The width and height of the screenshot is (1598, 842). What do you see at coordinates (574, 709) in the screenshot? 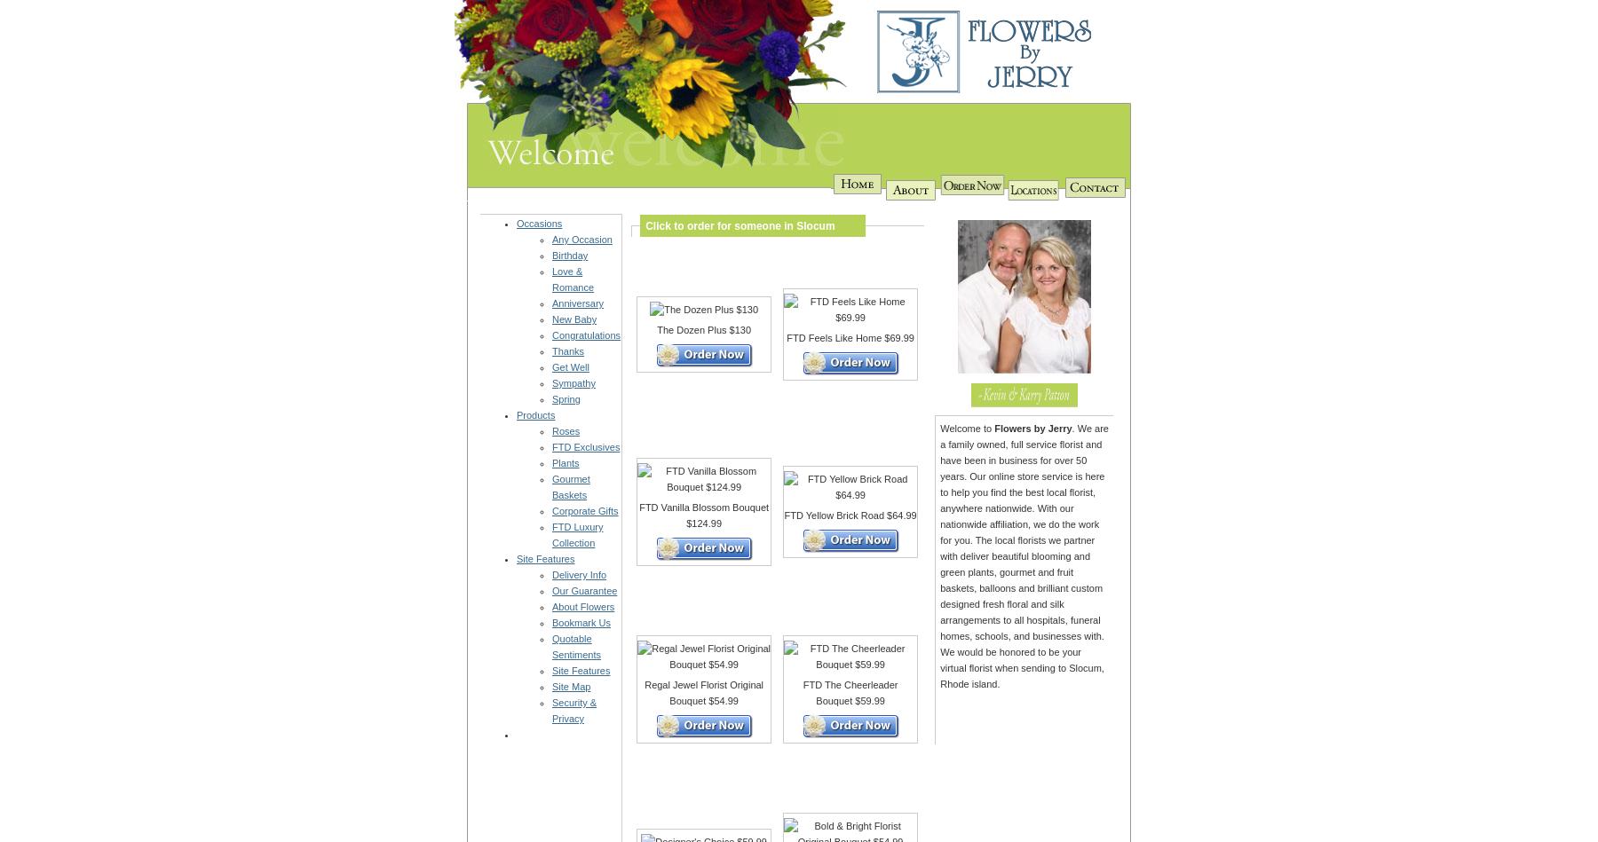
I see `'Security & Privacy'` at bounding box center [574, 709].